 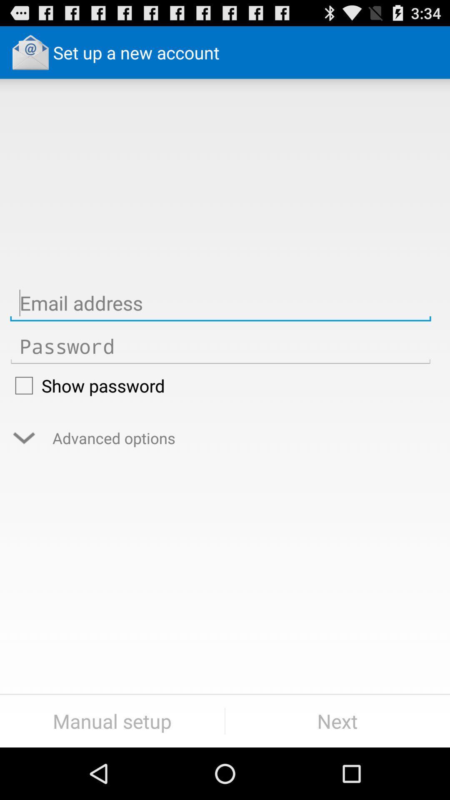 I want to click on the next icon, so click(x=337, y=721).